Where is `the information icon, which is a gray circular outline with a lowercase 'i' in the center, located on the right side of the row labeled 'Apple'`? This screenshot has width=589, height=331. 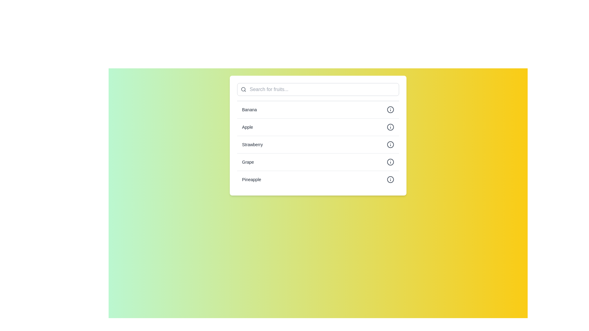 the information icon, which is a gray circular outline with a lowercase 'i' in the center, located on the right side of the row labeled 'Apple' is located at coordinates (390, 127).